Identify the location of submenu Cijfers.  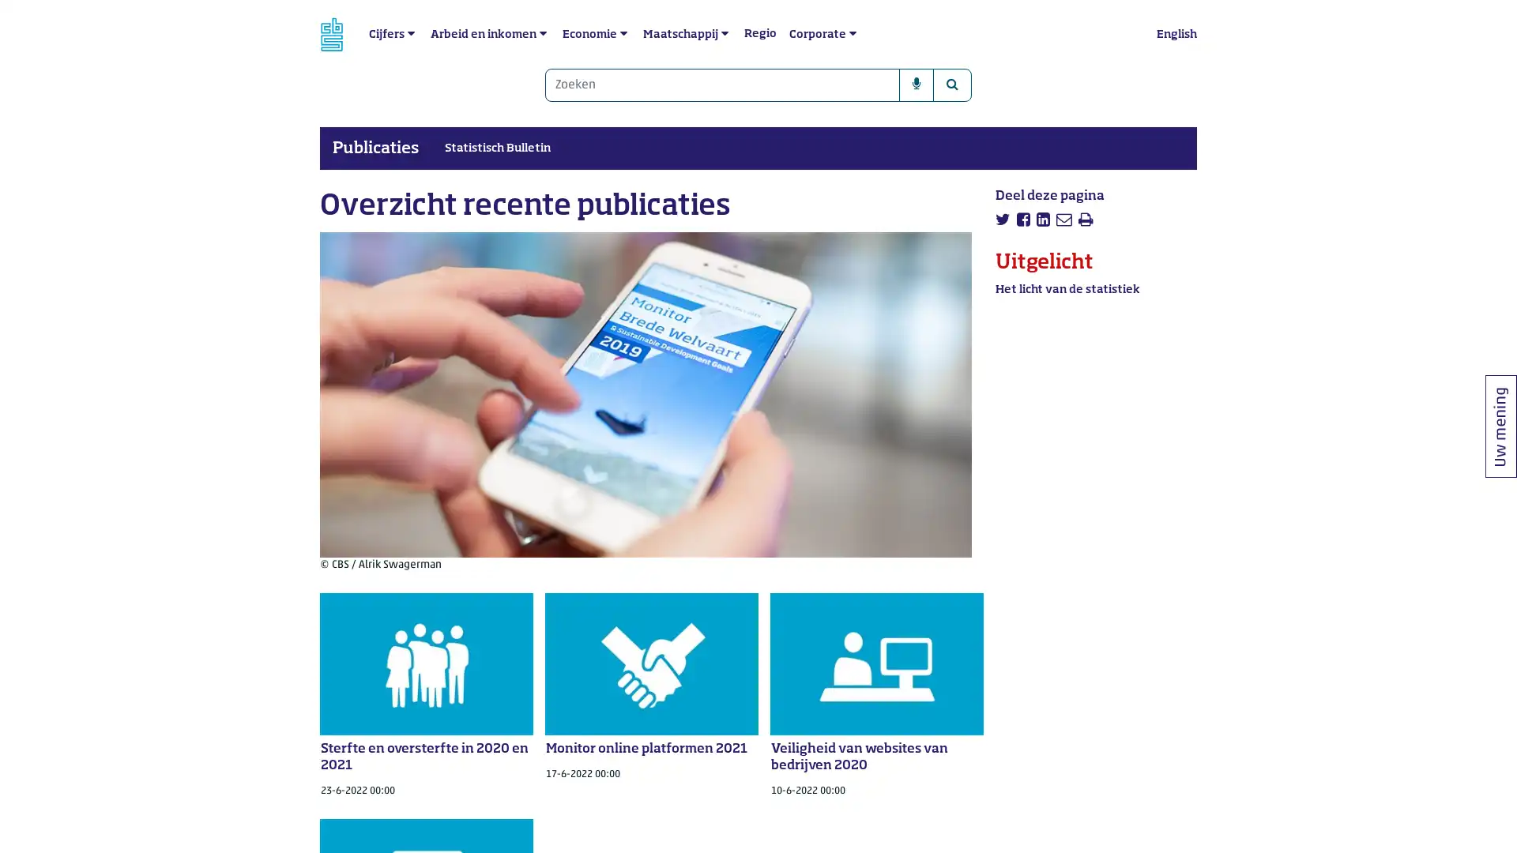
(411, 33).